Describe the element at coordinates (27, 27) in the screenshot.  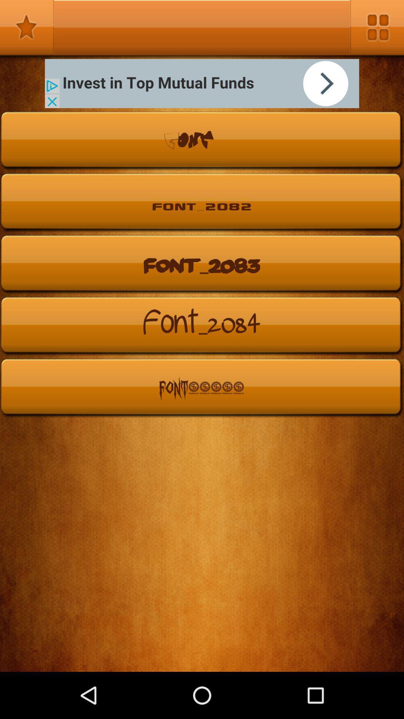
I see `fonts` at that location.